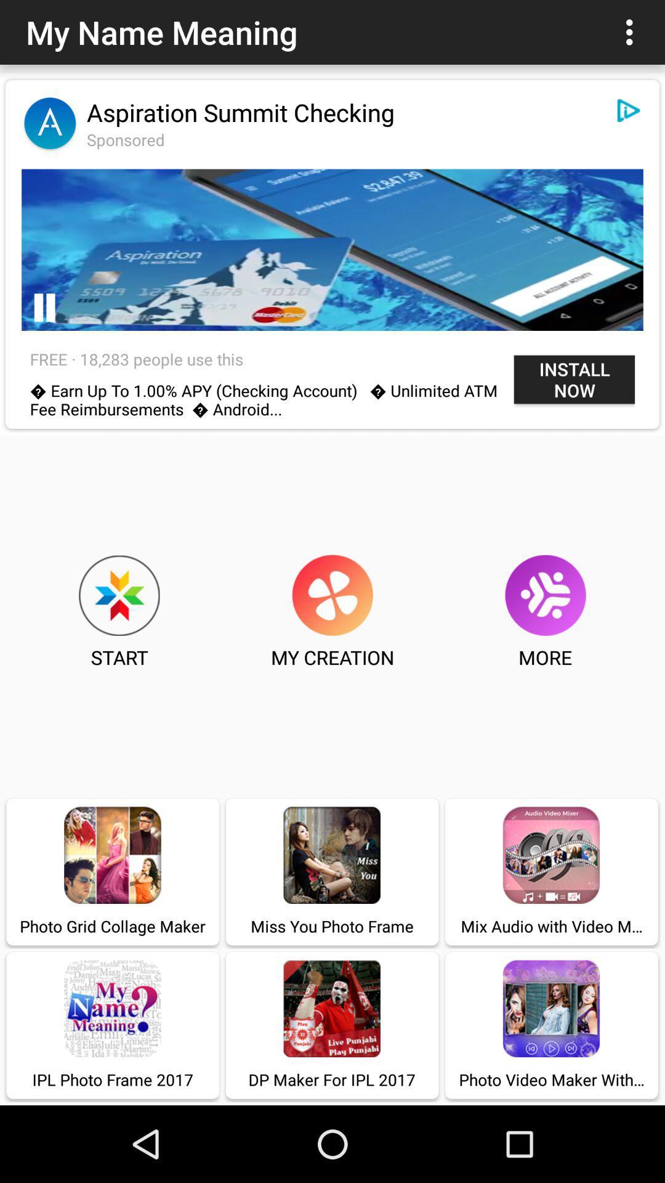 This screenshot has width=665, height=1183. I want to click on pause video, so click(44, 307).